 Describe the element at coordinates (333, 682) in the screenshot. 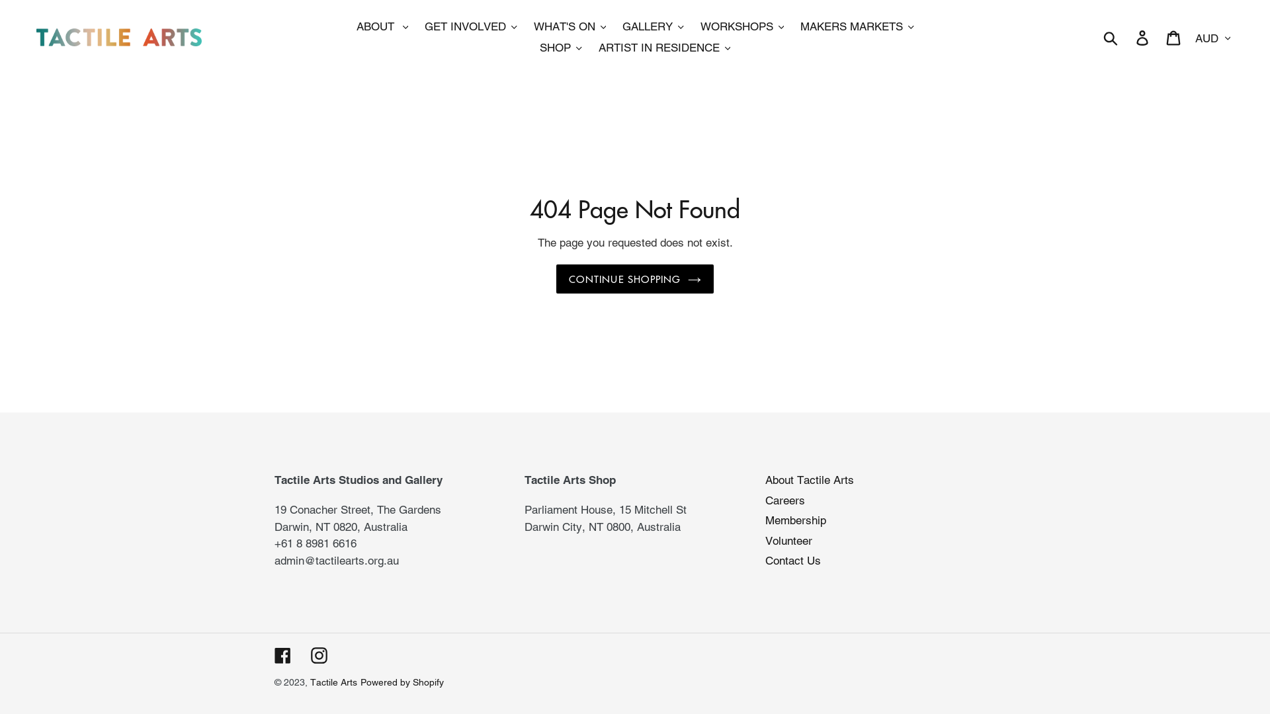

I see `'Tactile Arts'` at that location.